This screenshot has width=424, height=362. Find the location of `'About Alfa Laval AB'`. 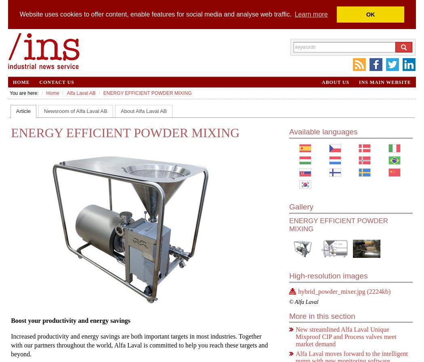

'About Alfa Laval AB' is located at coordinates (143, 110).